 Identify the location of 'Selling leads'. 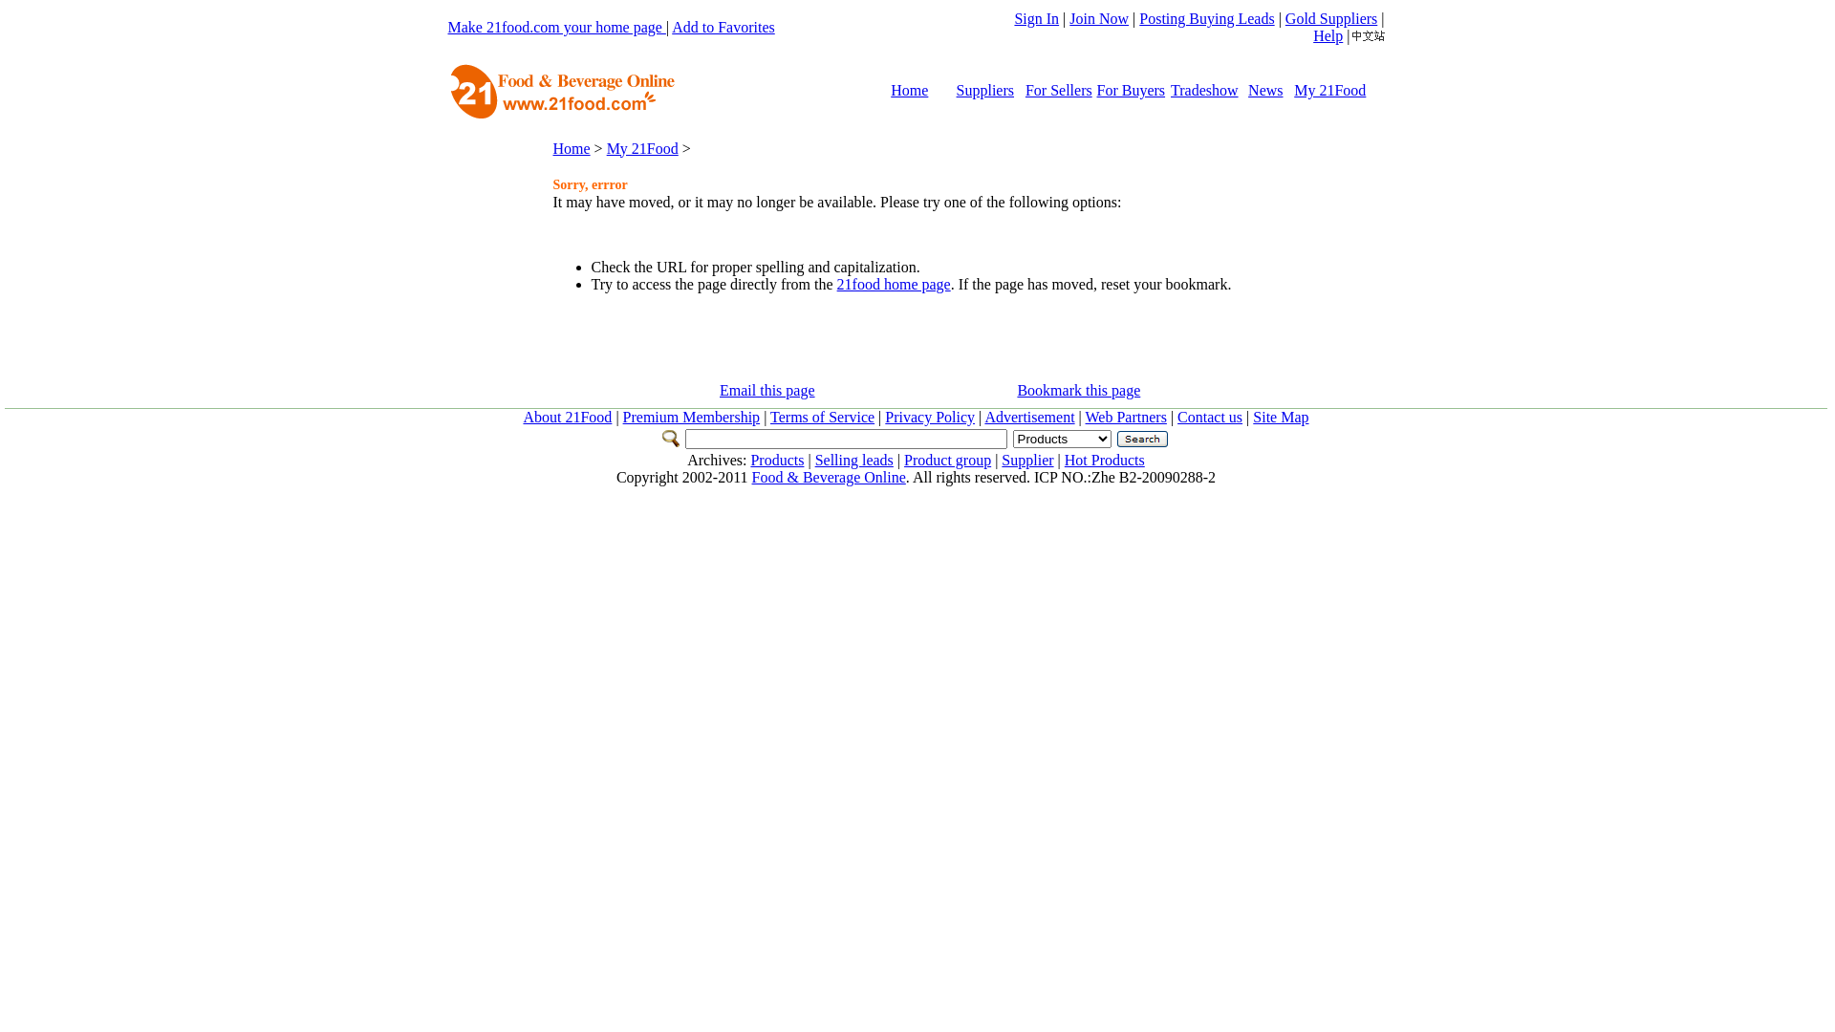
(853, 460).